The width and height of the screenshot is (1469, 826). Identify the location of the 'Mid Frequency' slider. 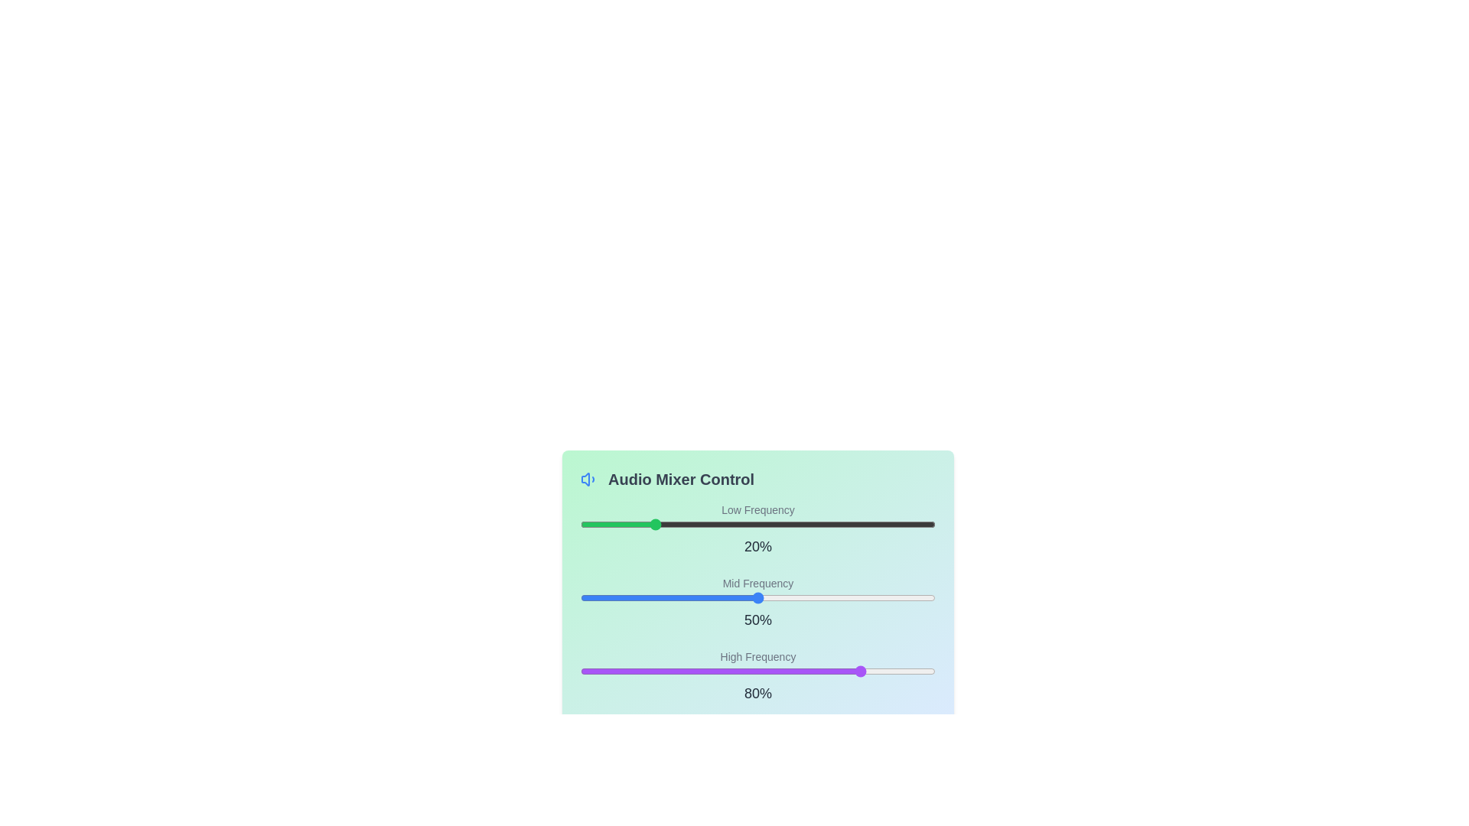
(790, 597).